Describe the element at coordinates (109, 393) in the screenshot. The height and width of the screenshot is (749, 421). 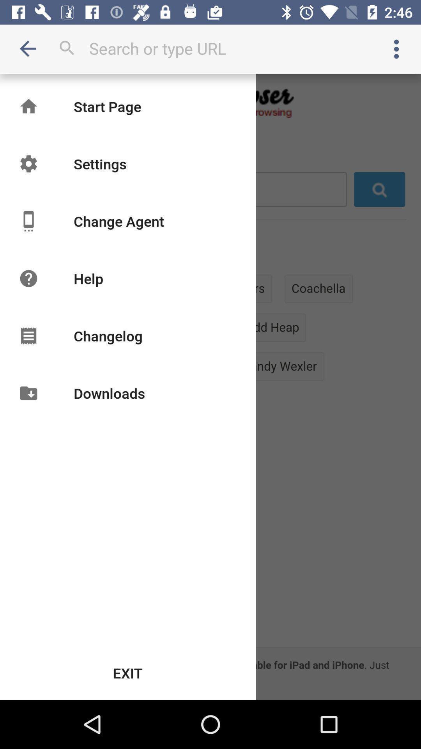
I see `the downloads` at that location.